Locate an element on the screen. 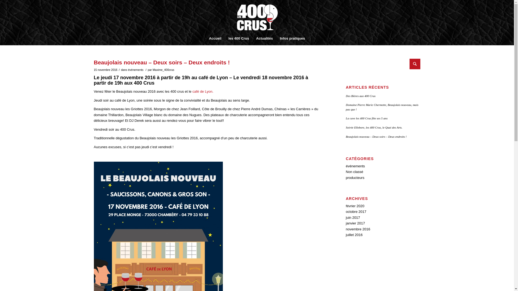 The height and width of the screenshot is (291, 518). 'juillet 2016' is located at coordinates (346, 234).